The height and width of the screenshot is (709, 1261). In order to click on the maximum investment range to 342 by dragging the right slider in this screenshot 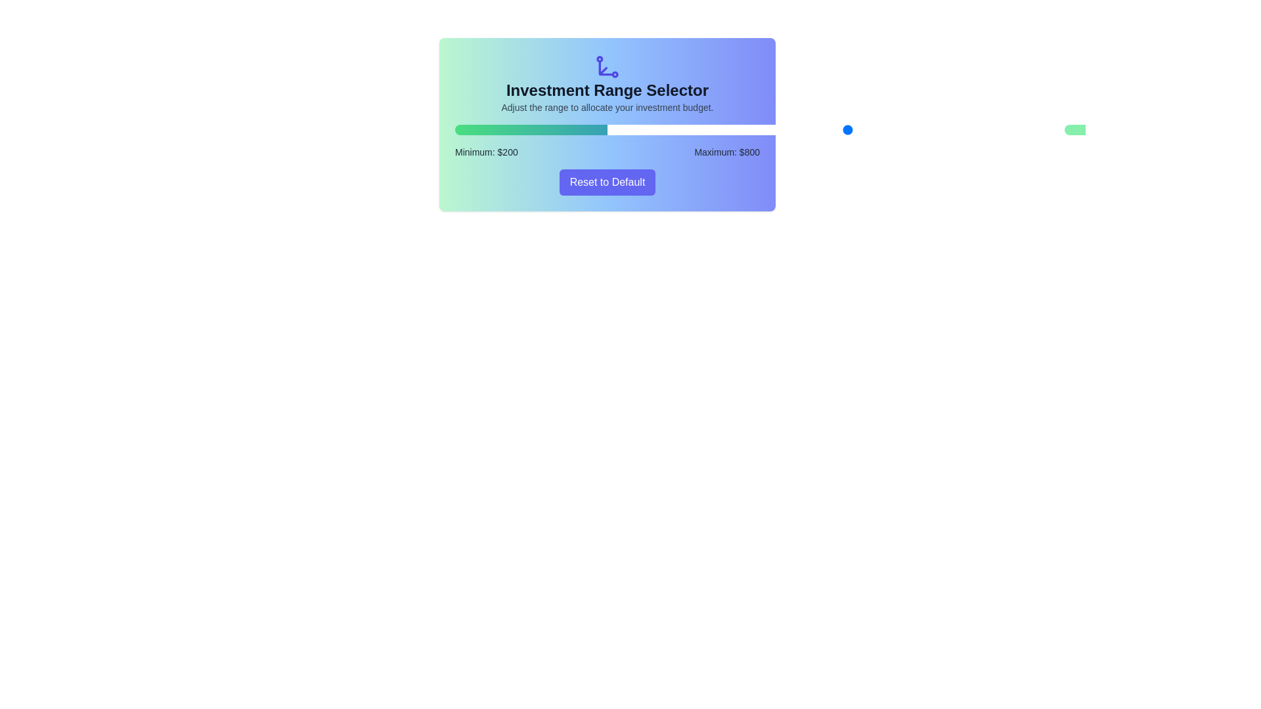, I will do `click(679, 129)`.